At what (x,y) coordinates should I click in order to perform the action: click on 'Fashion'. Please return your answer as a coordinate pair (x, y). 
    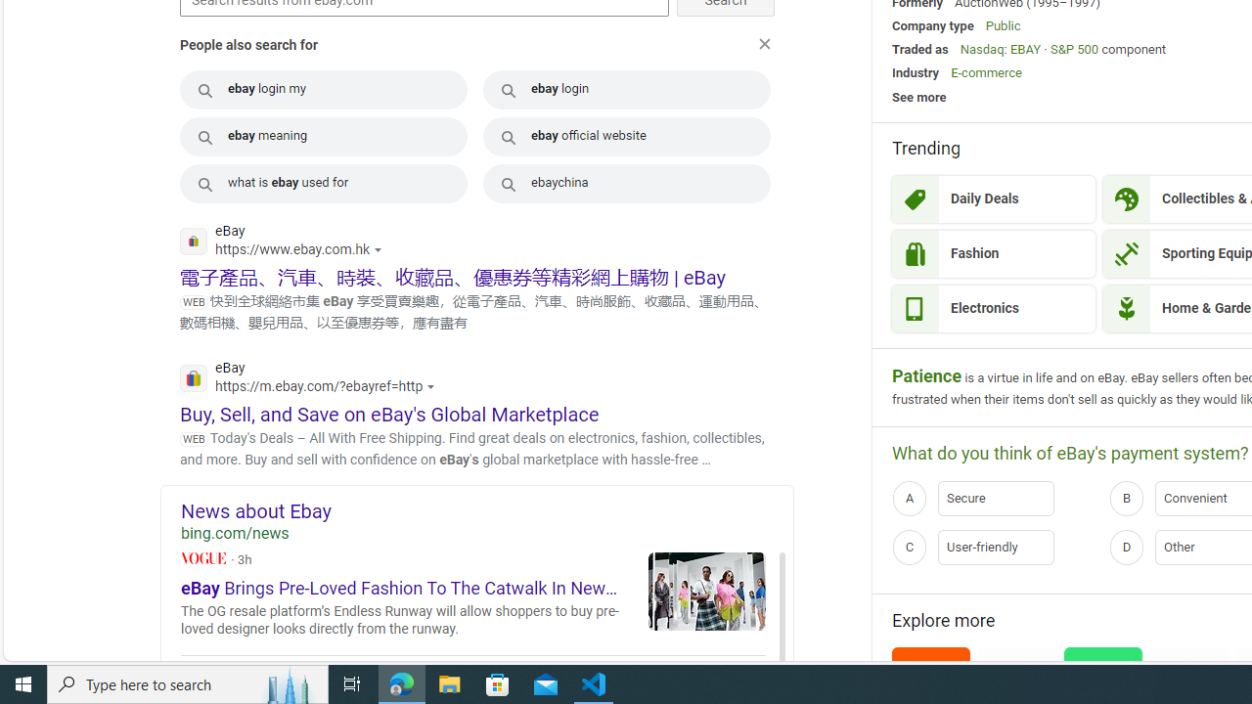
    Looking at the image, I should click on (993, 252).